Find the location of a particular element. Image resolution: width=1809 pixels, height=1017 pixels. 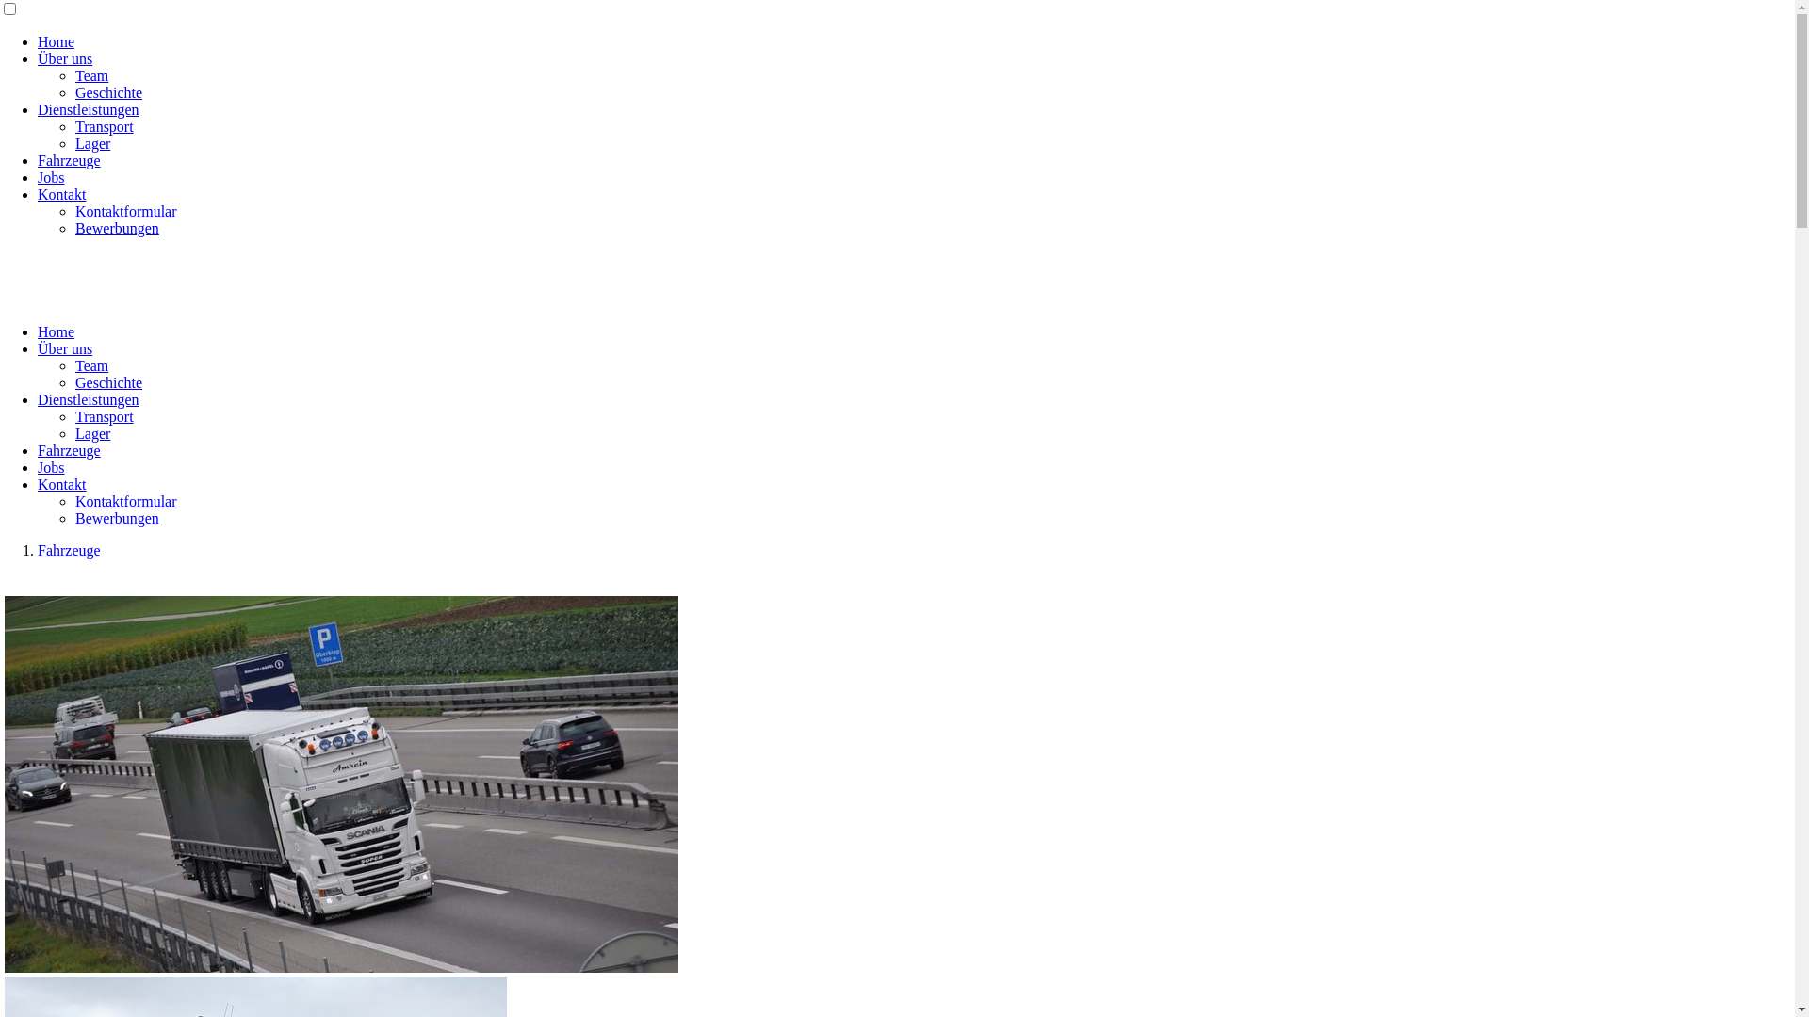

'Lager' is located at coordinates (91, 433).